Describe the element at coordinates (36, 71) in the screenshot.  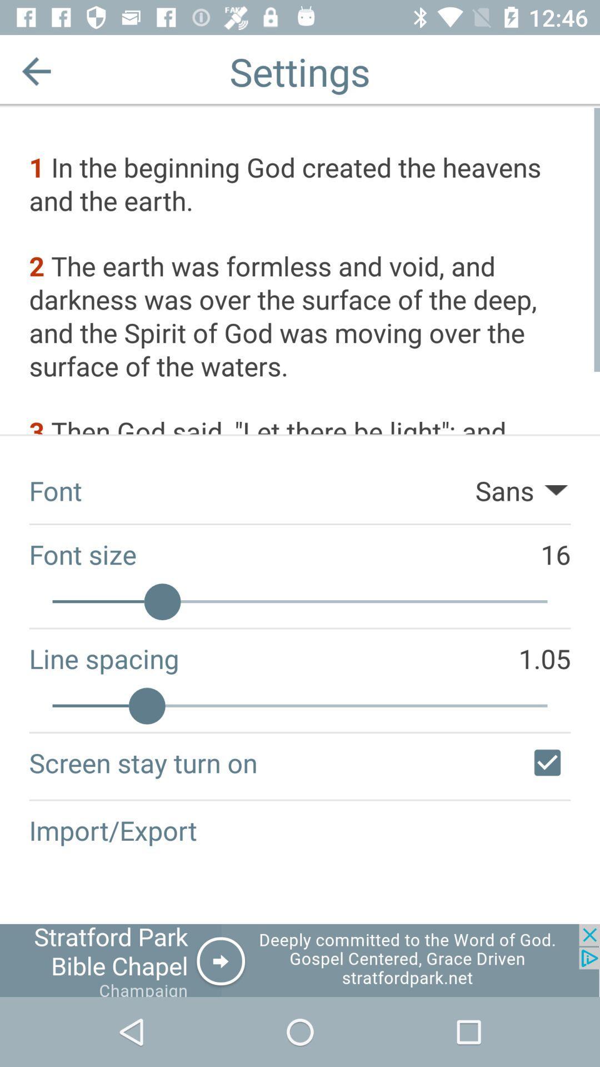
I see `the arrow_backward icon` at that location.